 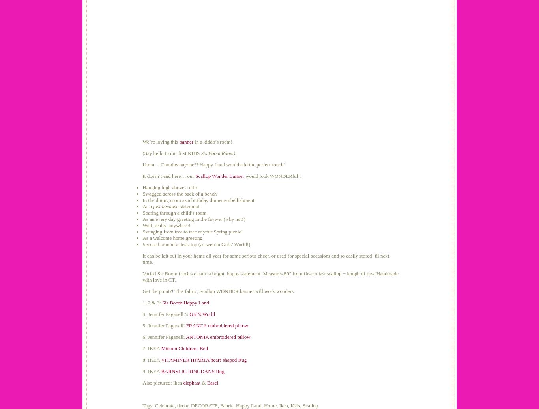 What do you see at coordinates (172, 238) in the screenshot?
I see `'As a welcome home greeting'` at bounding box center [172, 238].